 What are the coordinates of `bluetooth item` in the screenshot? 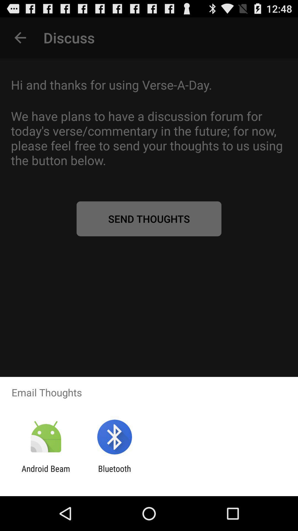 It's located at (114, 473).